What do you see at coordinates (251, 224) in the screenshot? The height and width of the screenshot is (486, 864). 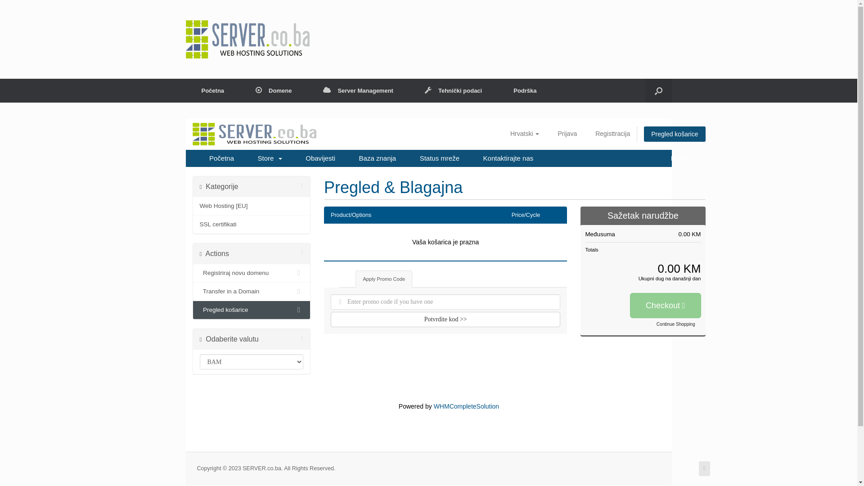 I see `'SSL certifikati'` at bounding box center [251, 224].